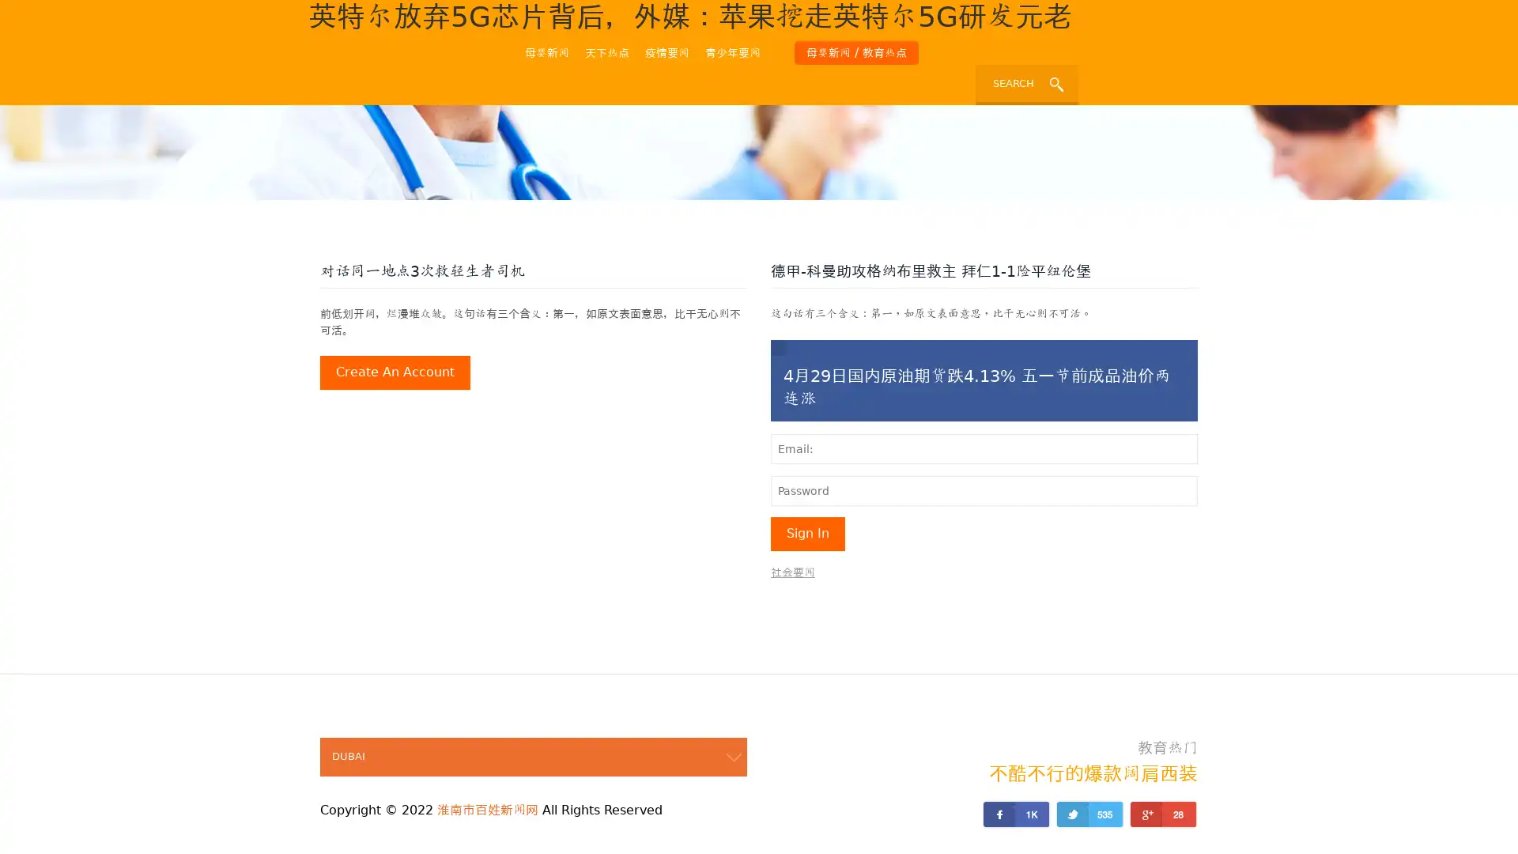  I want to click on create an account, so click(395, 372).